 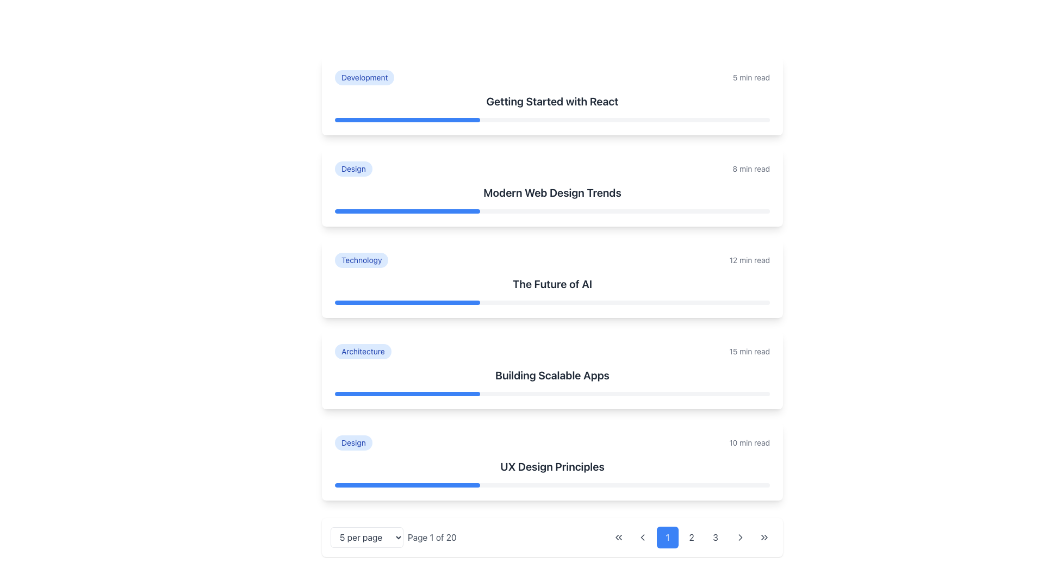 What do you see at coordinates (378, 211) in the screenshot?
I see `progress` at bounding box center [378, 211].